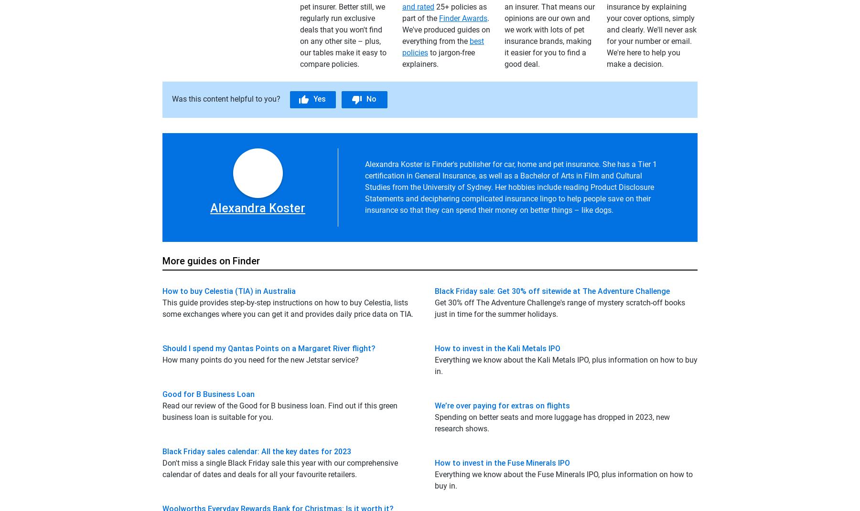 The image size is (860, 511). Describe the element at coordinates (551, 291) in the screenshot. I see `'Black Friday sale: Get 30% off sitewide at The Adventure Challenge'` at that location.